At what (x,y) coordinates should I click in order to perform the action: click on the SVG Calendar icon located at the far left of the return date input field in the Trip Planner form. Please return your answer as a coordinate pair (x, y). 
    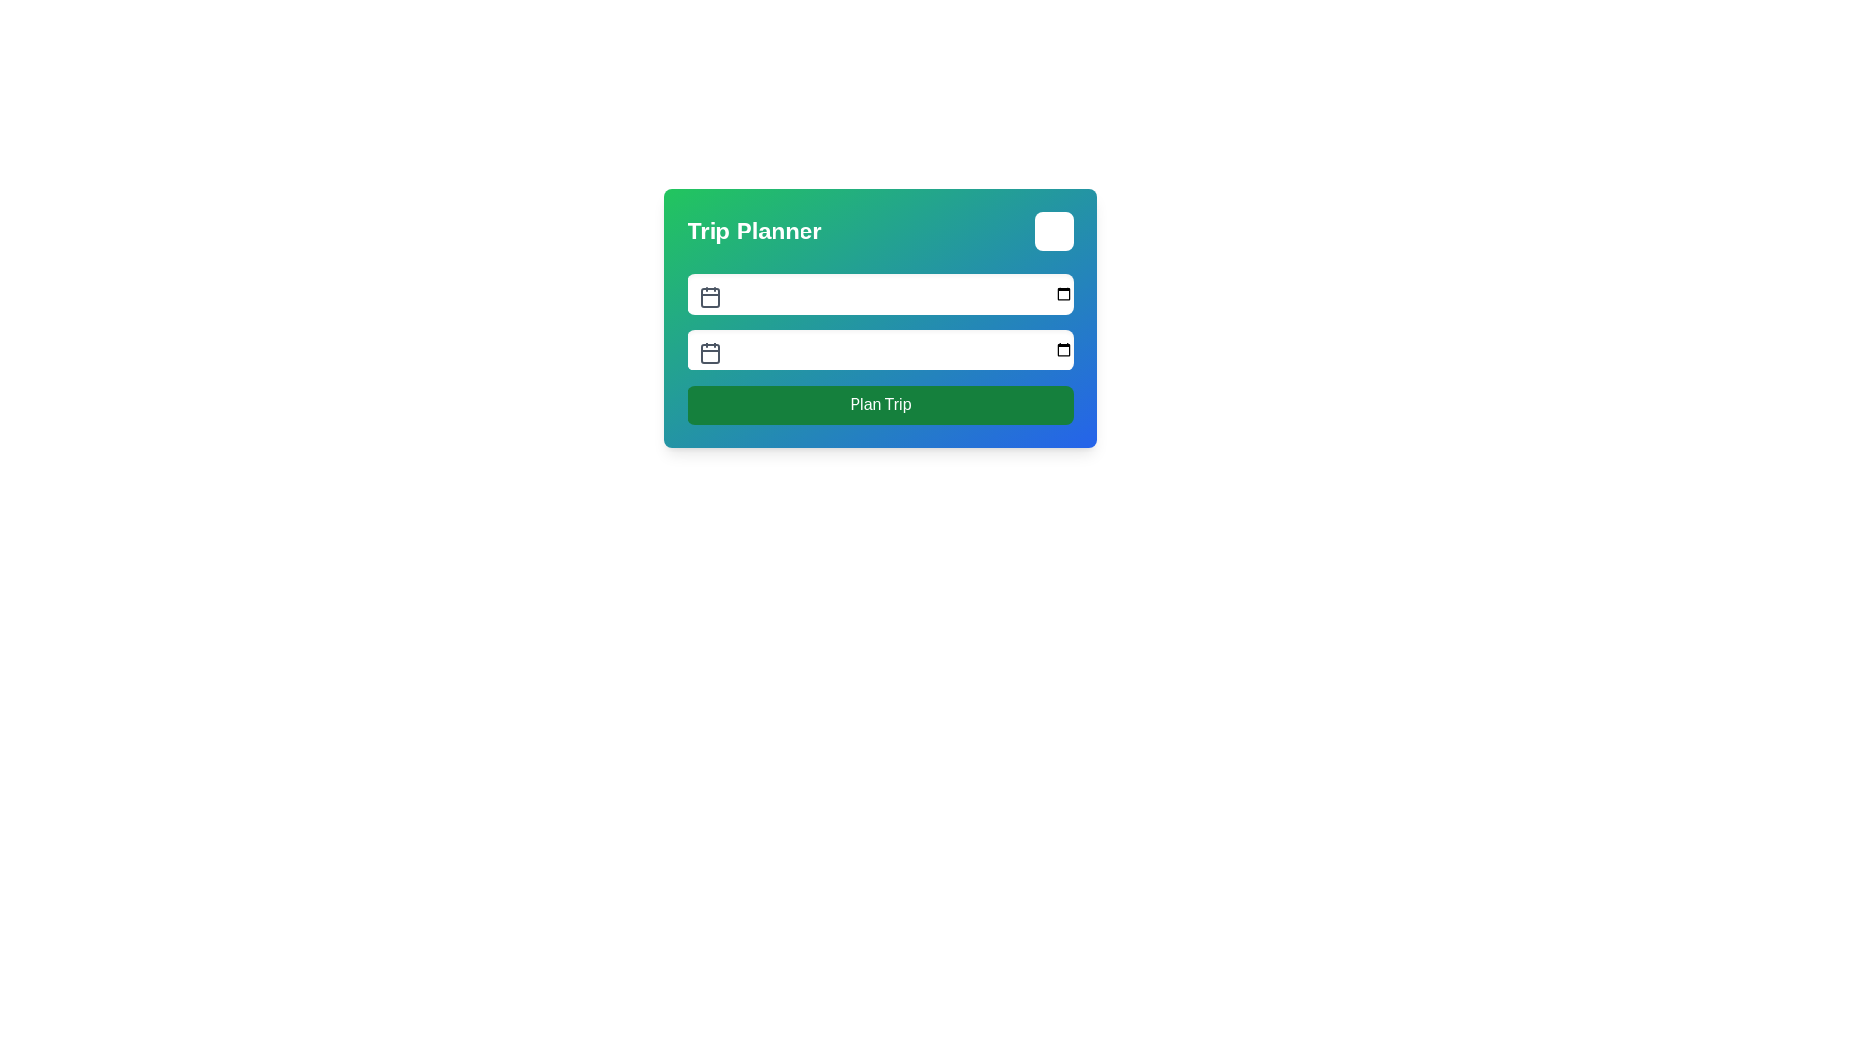
    Looking at the image, I should click on (709, 353).